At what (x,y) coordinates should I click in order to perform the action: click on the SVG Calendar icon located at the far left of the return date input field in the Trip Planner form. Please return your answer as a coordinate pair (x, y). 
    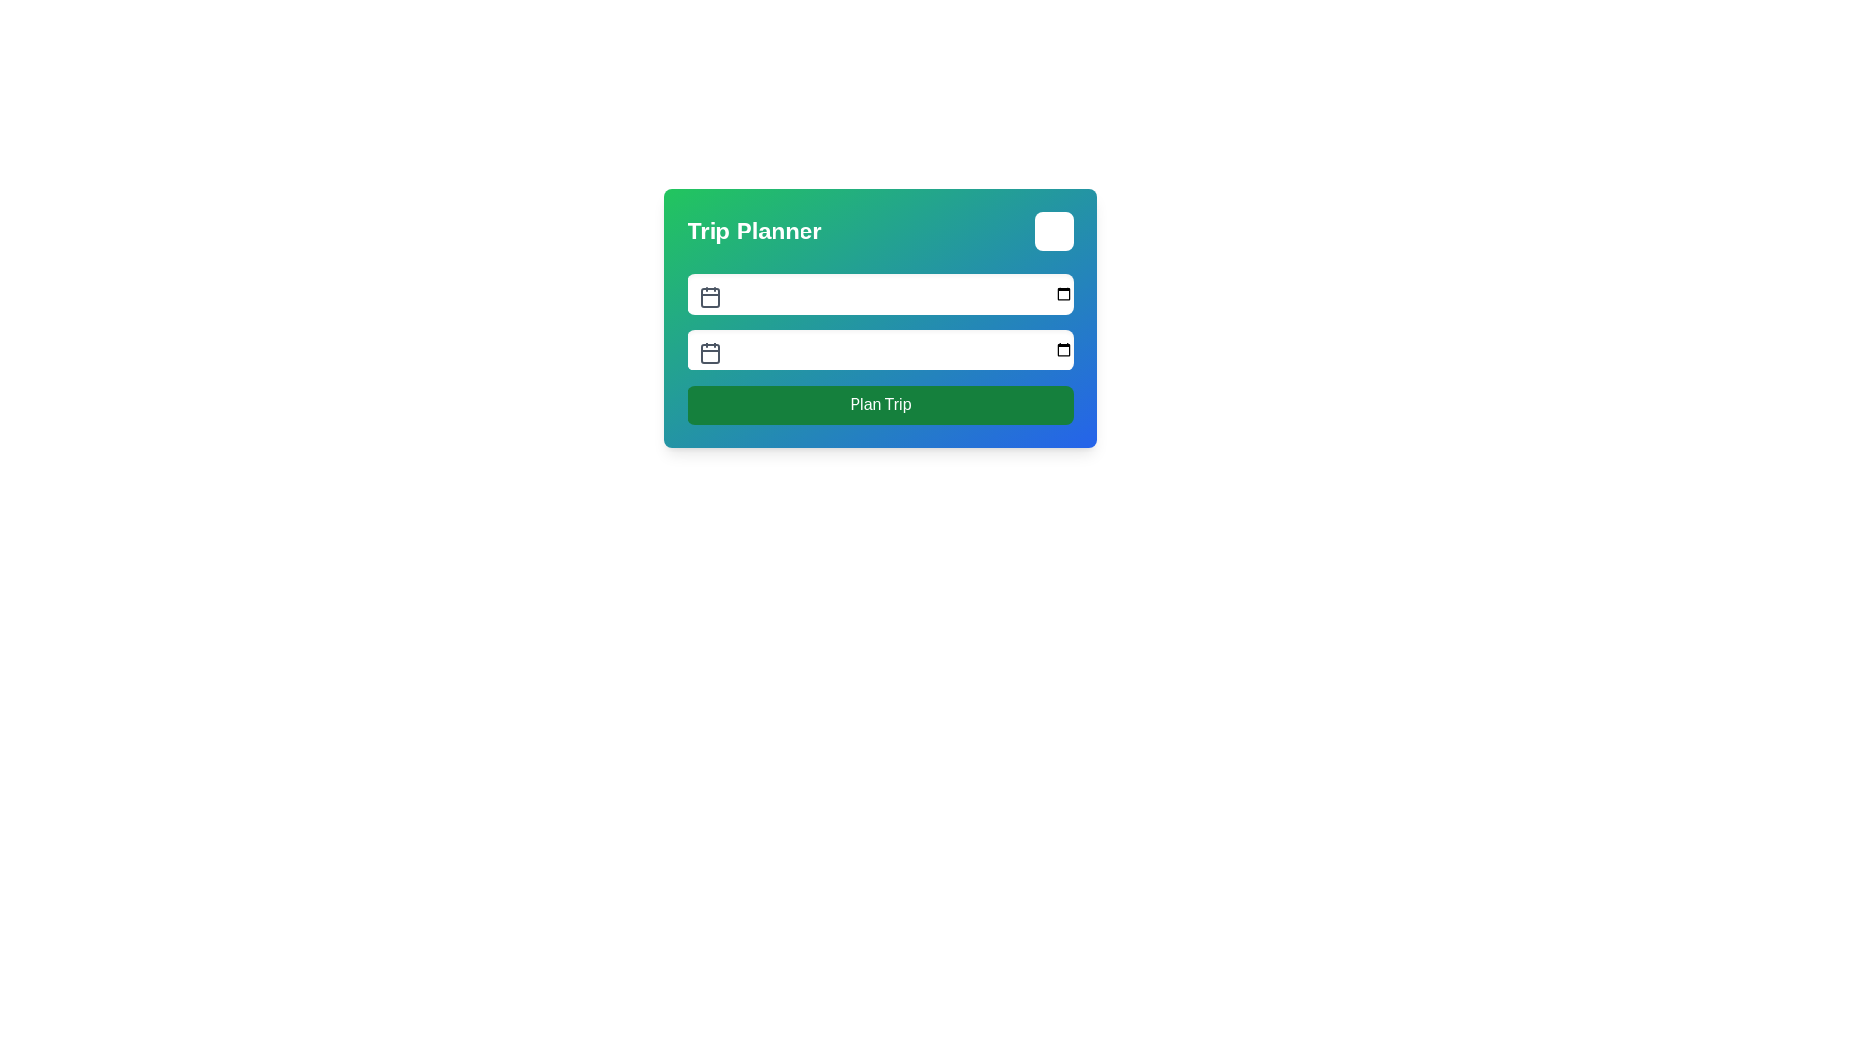
    Looking at the image, I should click on (709, 353).